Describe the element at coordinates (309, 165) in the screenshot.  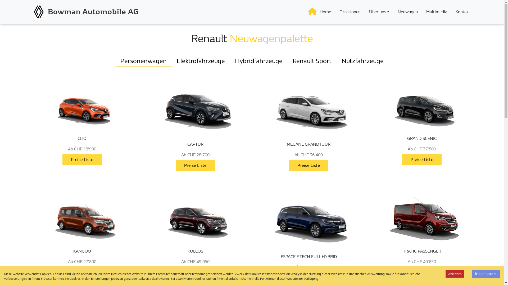
I see `'Preise Liste'` at that location.